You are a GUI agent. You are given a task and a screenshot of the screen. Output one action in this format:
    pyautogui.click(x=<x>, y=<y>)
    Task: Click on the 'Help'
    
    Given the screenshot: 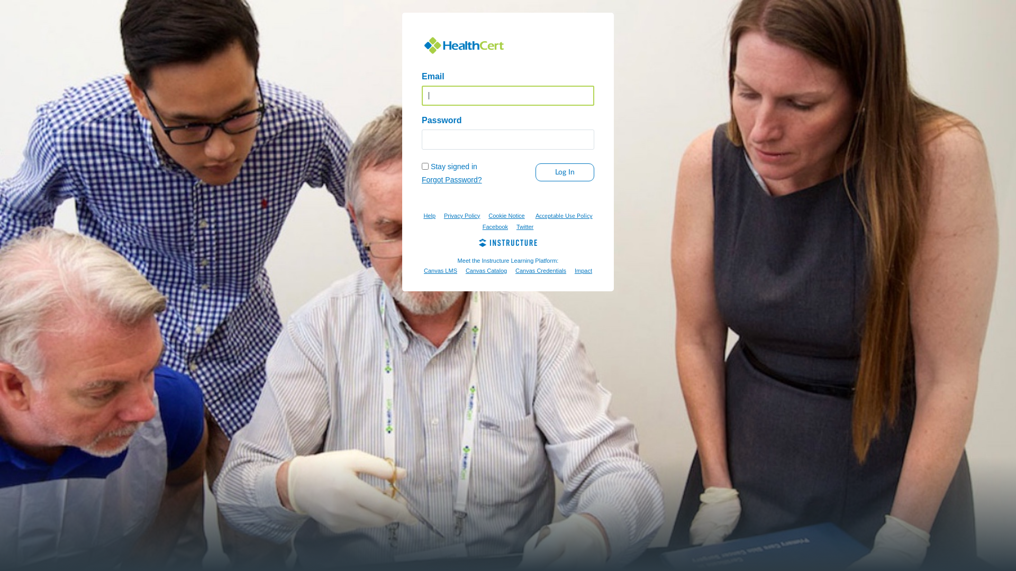 What is the action you would take?
    pyautogui.click(x=429, y=215)
    